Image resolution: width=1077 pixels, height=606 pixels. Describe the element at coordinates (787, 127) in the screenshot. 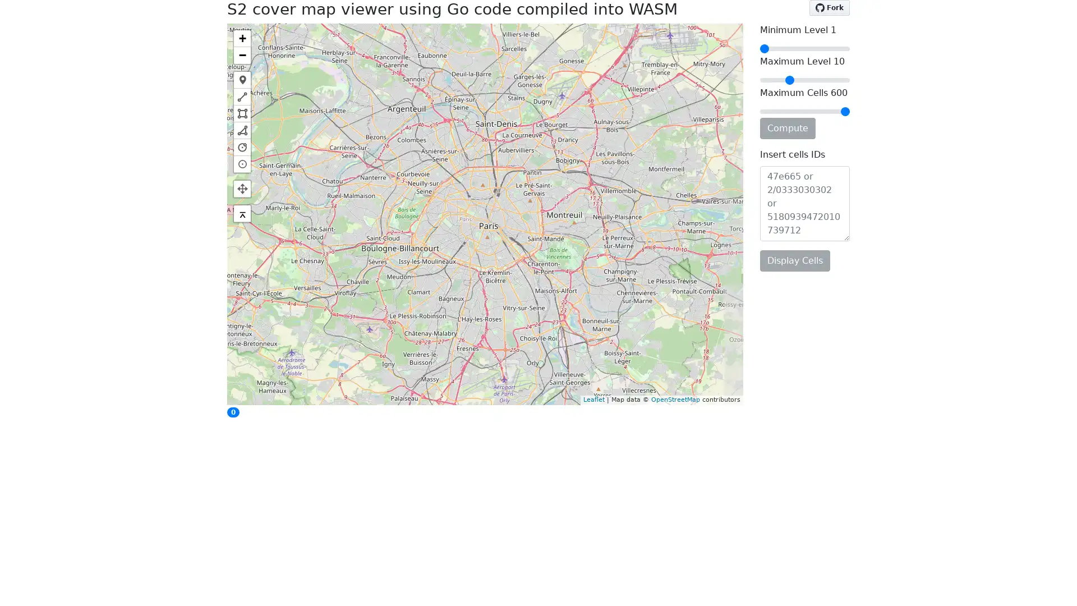

I see `Compute` at that location.